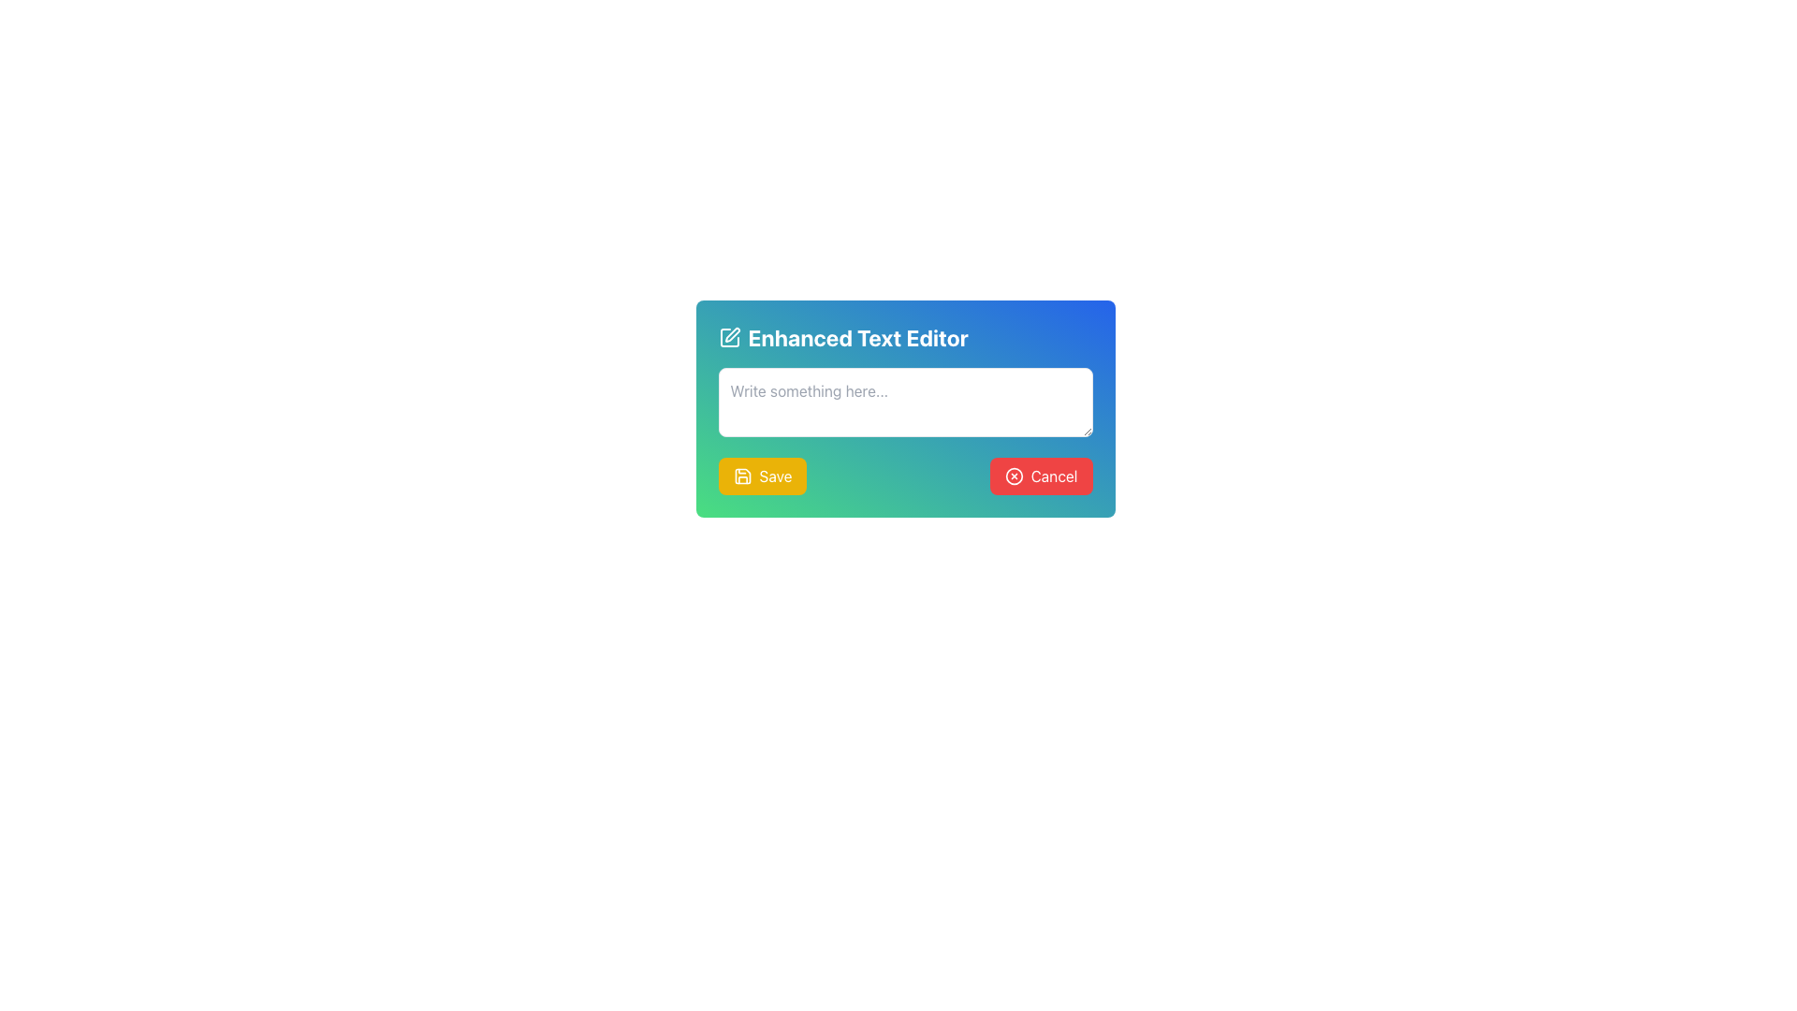  Describe the element at coordinates (763, 476) in the screenshot. I see `the yellow 'Save' button with a floppy disk icon located in the bottom-left corner of the modal interface` at that location.